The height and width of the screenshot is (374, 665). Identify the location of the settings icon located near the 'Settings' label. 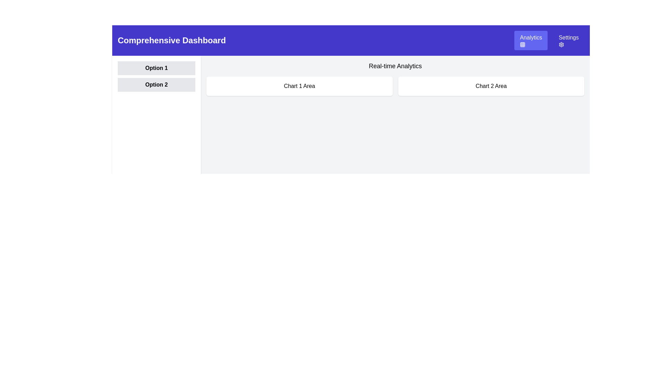
(561, 44).